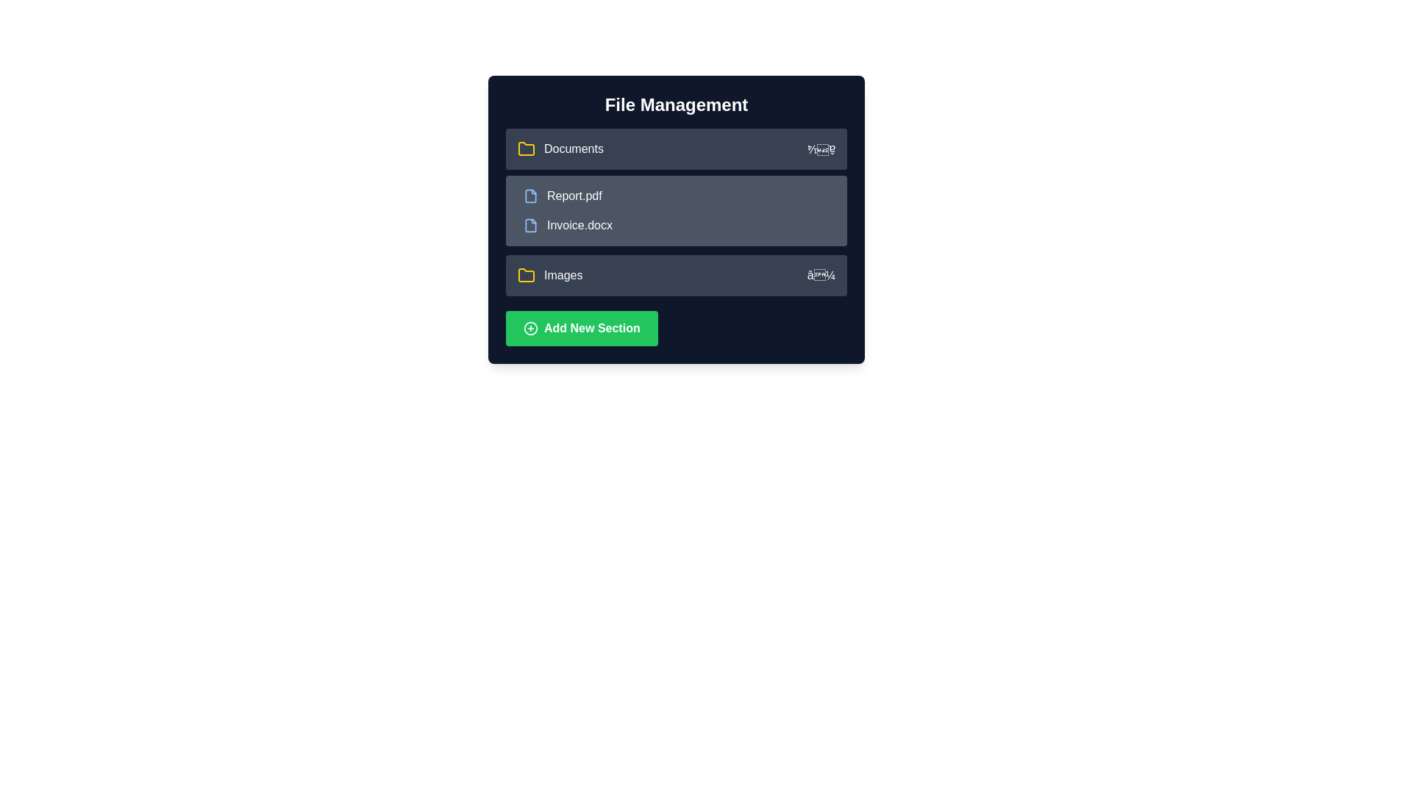 The image size is (1412, 794). What do you see at coordinates (581, 328) in the screenshot?
I see `the button located at the bottom of the 'File Management' card` at bounding box center [581, 328].